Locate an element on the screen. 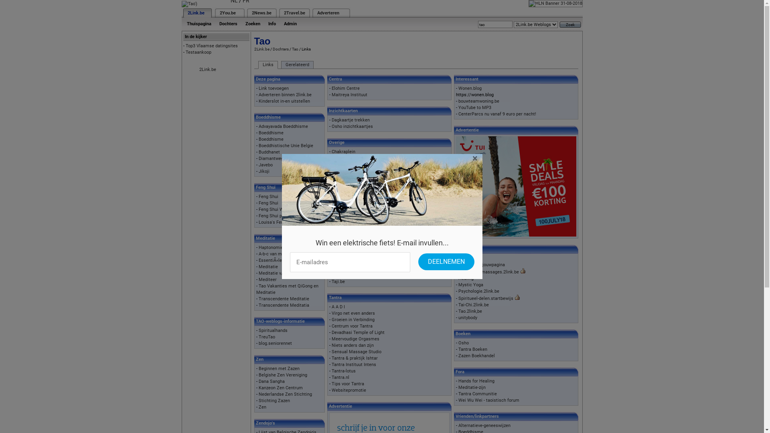 This screenshot has height=433, width=770. 'Tantra Communitie' is located at coordinates (477, 393).